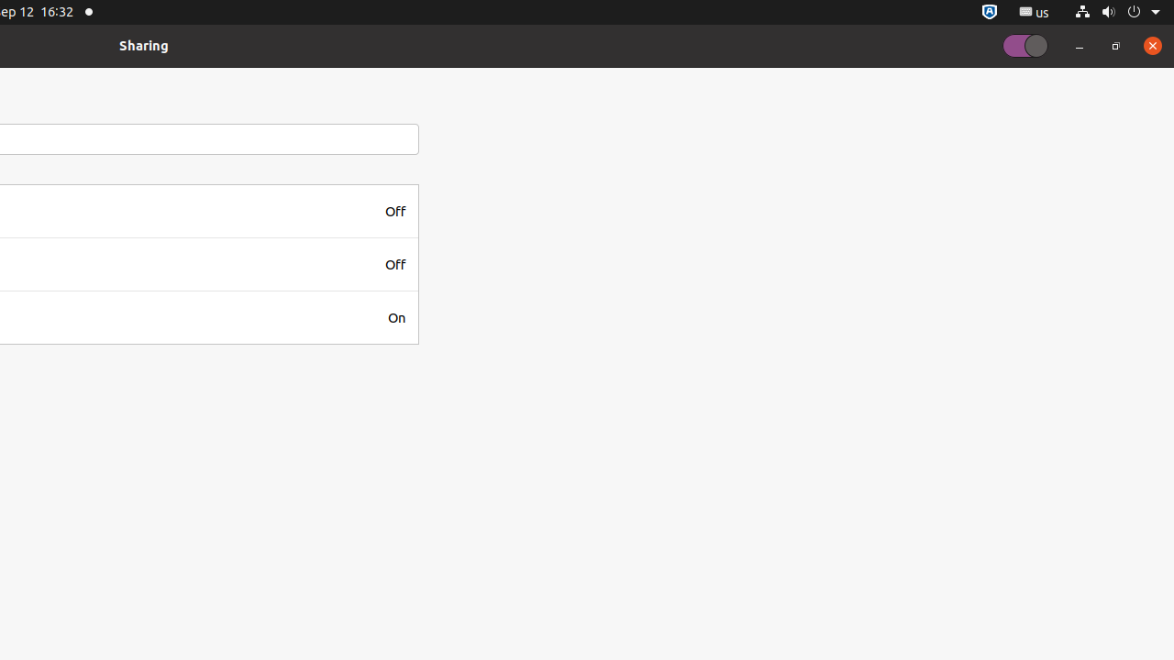 This screenshot has height=660, width=1174. What do you see at coordinates (1115, 44) in the screenshot?
I see `'Restore'` at bounding box center [1115, 44].